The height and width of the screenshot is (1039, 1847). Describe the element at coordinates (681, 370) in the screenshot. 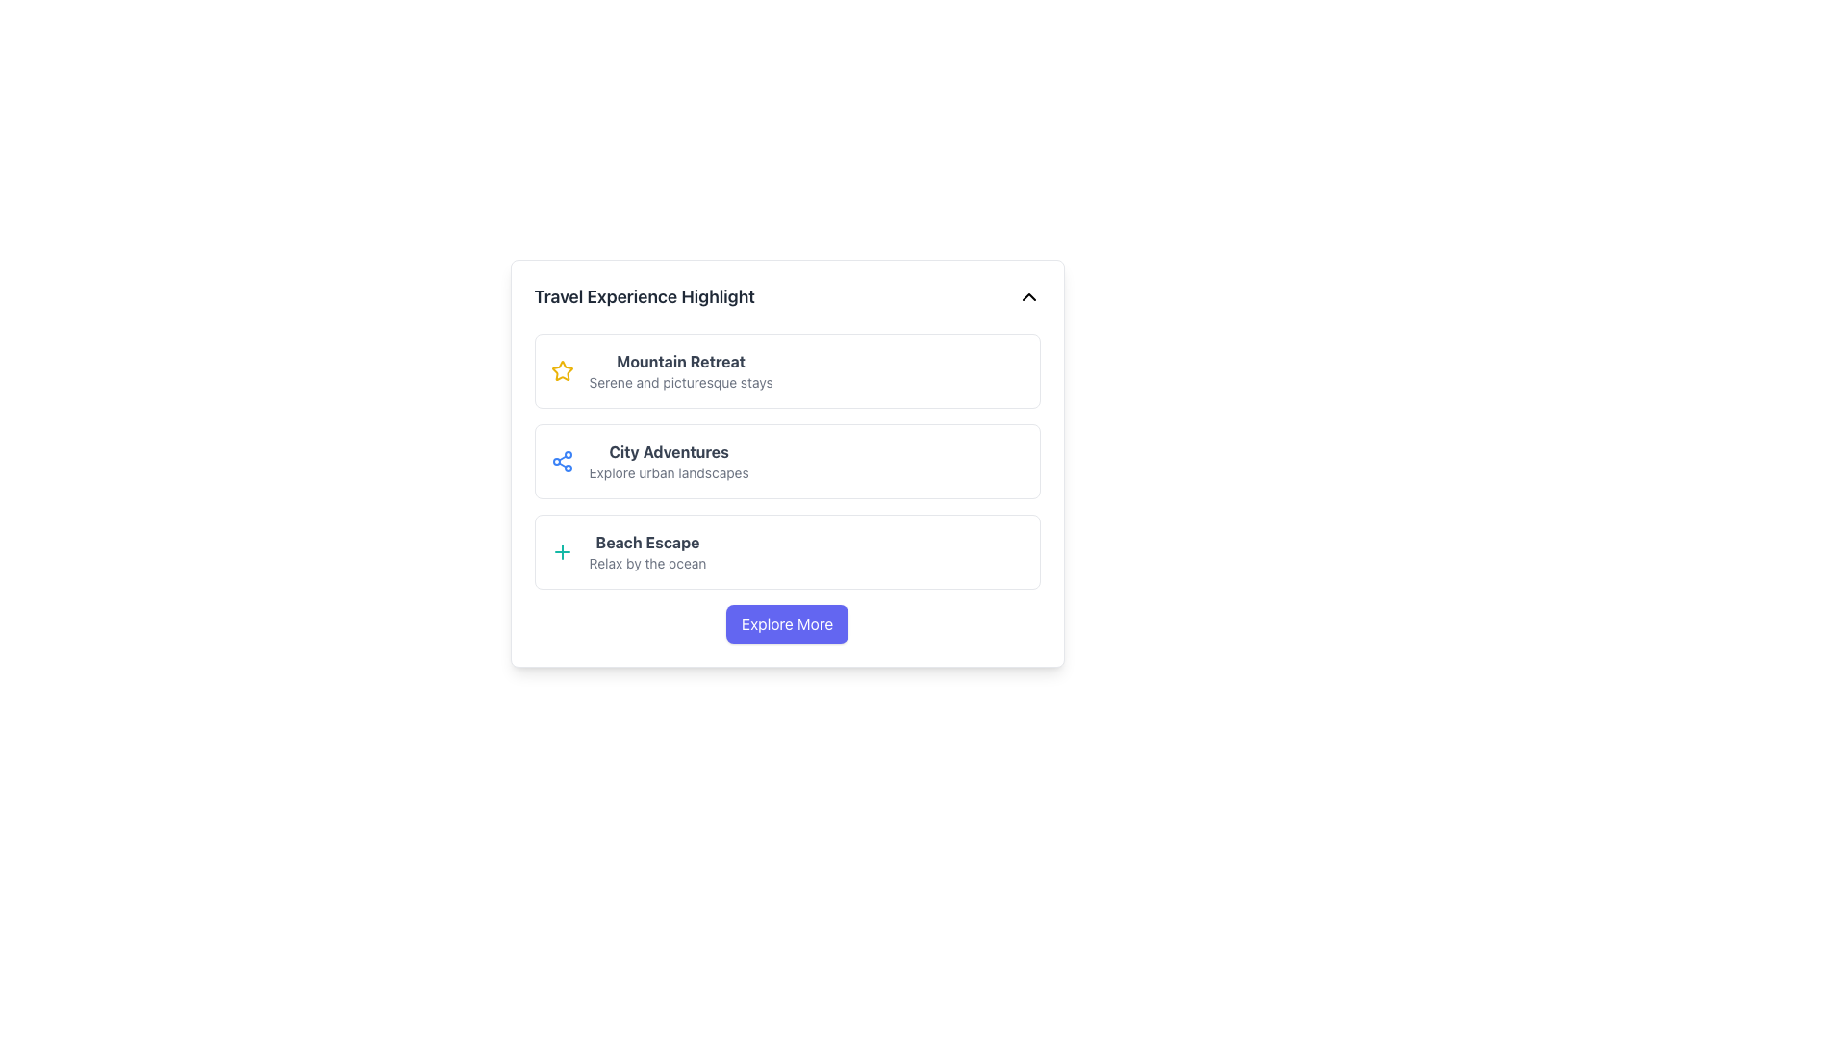

I see `the Informational Label displaying 'Mountain Retreat' with the description 'Serene and picturesque stays' to check for possible tooltips` at that location.